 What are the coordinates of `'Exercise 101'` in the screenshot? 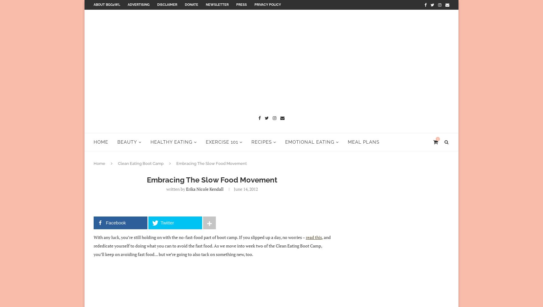 It's located at (222, 141).